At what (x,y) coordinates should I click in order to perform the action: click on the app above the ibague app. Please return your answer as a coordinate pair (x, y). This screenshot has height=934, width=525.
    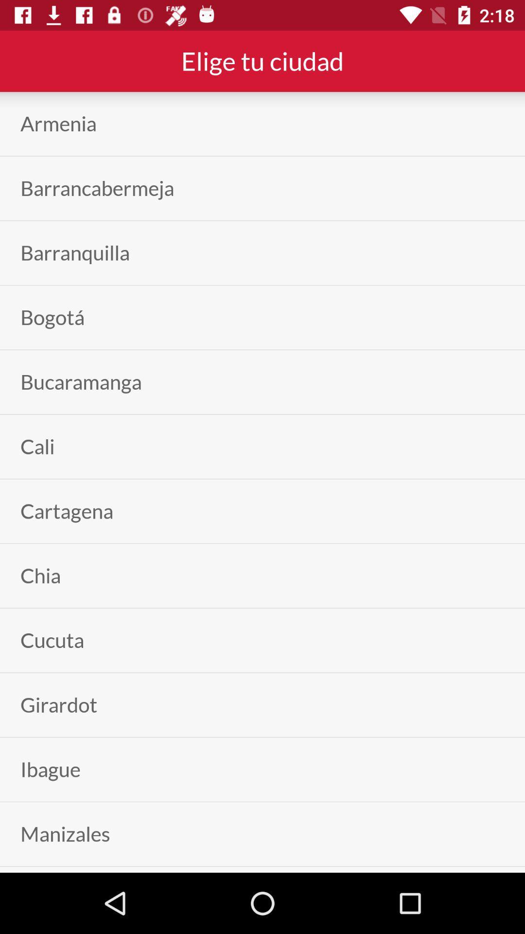
    Looking at the image, I should click on (59, 705).